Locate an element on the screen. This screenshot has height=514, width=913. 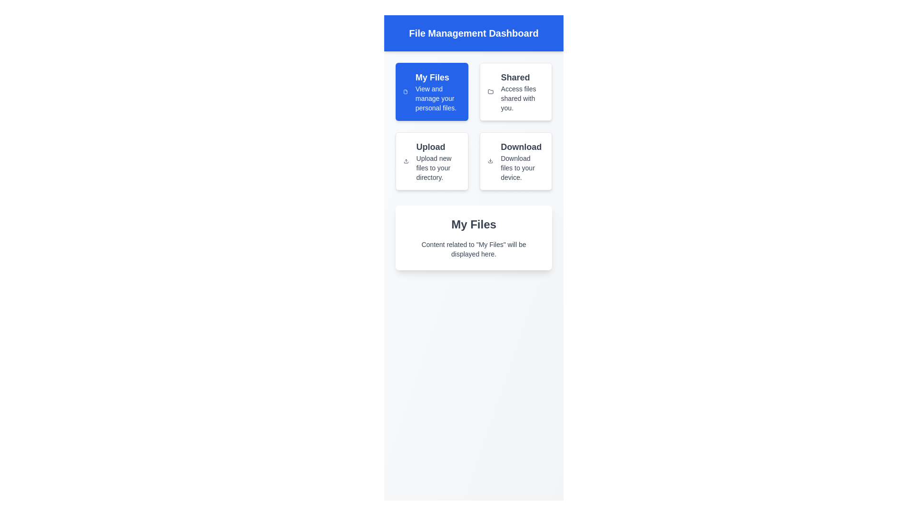
the Upload indicator icon located to the left of the 'Upload' text in the 'Upload' card within the 'File Management Dashboard' section is located at coordinates (406, 161).